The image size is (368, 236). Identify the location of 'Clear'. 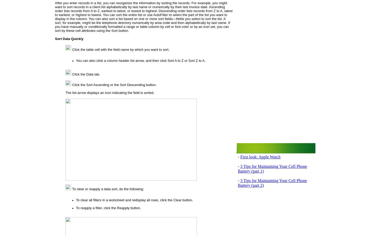
(177, 200).